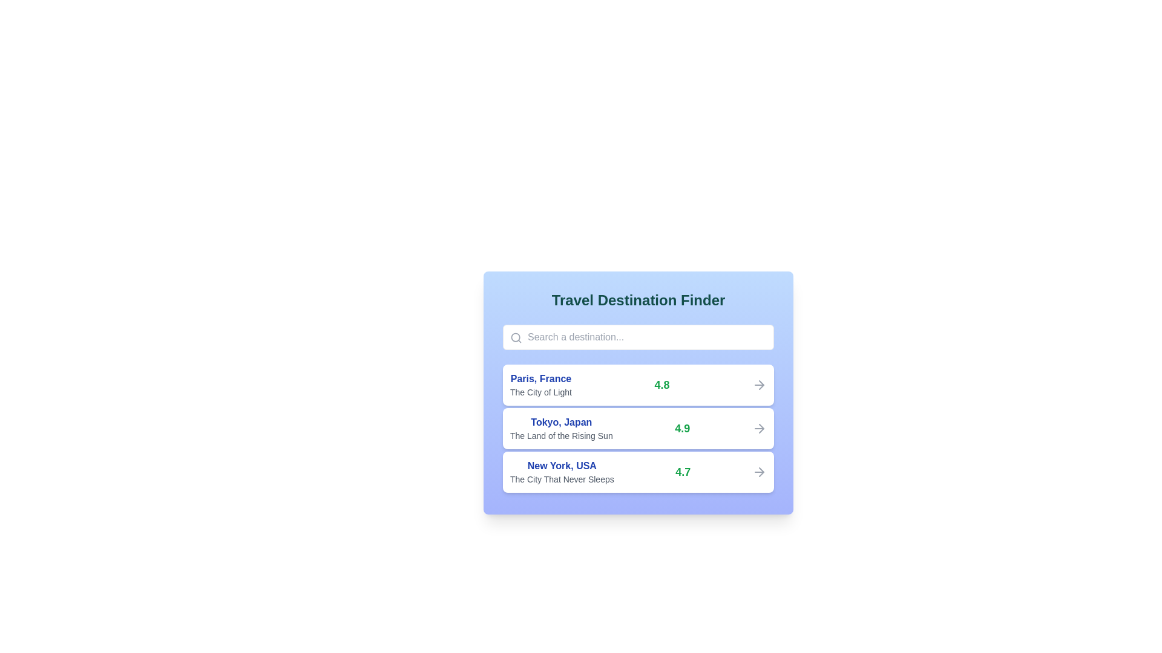 The image size is (1162, 653). Describe the element at coordinates (560, 436) in the screenshot. I see `the second line of static text that provides descriptive information about the location 'Tokyo, Japan', positioned directly below the main title in a vertical list of destinations` at that location.